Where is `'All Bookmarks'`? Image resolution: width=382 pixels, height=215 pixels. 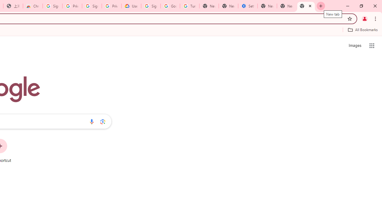
'All Bookmarks' is located at coordinates (362, 30).